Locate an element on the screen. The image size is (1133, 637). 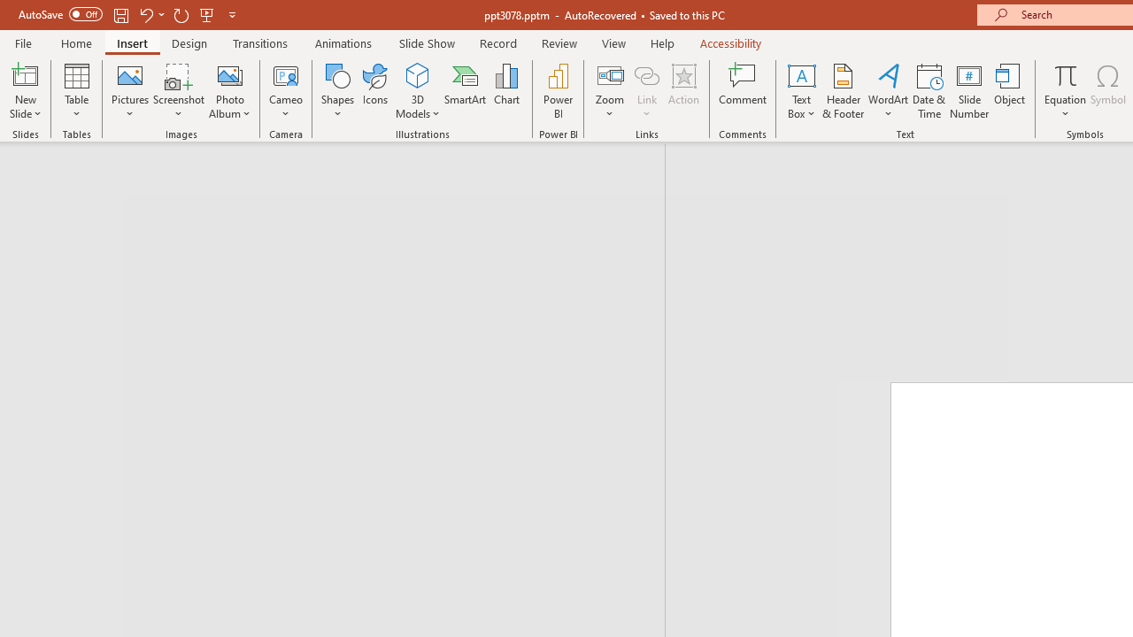
'SmartArt...' is located at coordinates (466, 91).